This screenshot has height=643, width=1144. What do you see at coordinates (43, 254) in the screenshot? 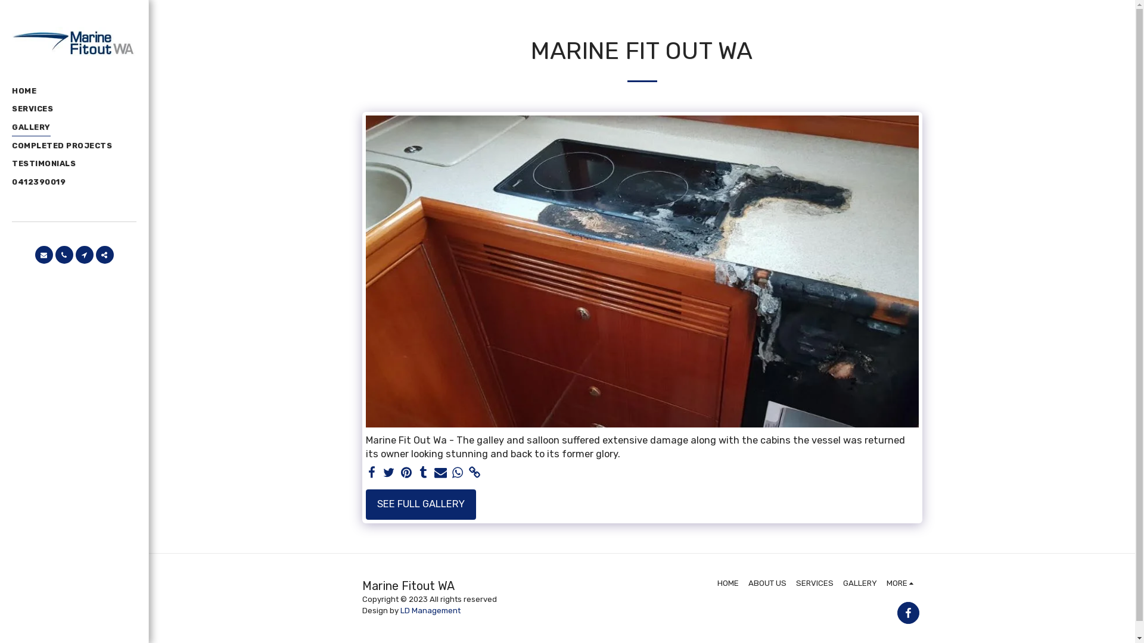
I see `' '` at bounding box center [43, 254].